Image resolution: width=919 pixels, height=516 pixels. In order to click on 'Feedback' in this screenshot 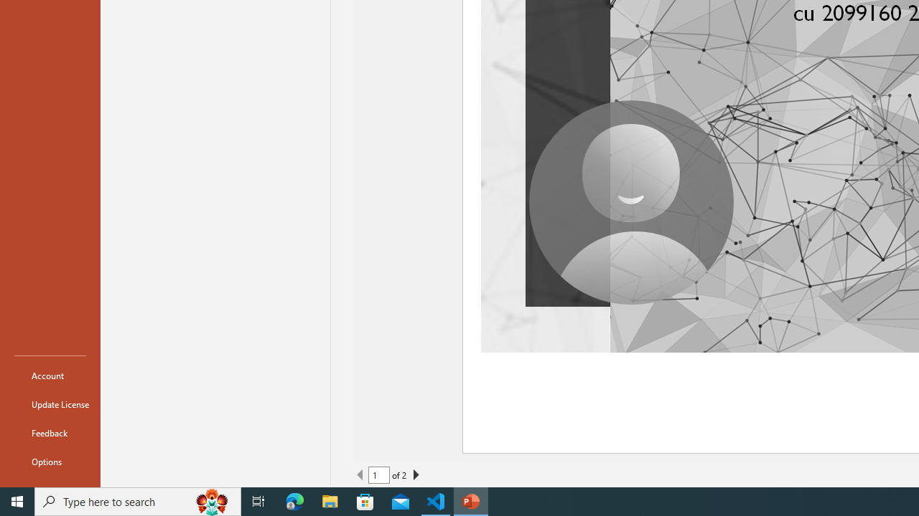, I will do `click(50, 432)`.